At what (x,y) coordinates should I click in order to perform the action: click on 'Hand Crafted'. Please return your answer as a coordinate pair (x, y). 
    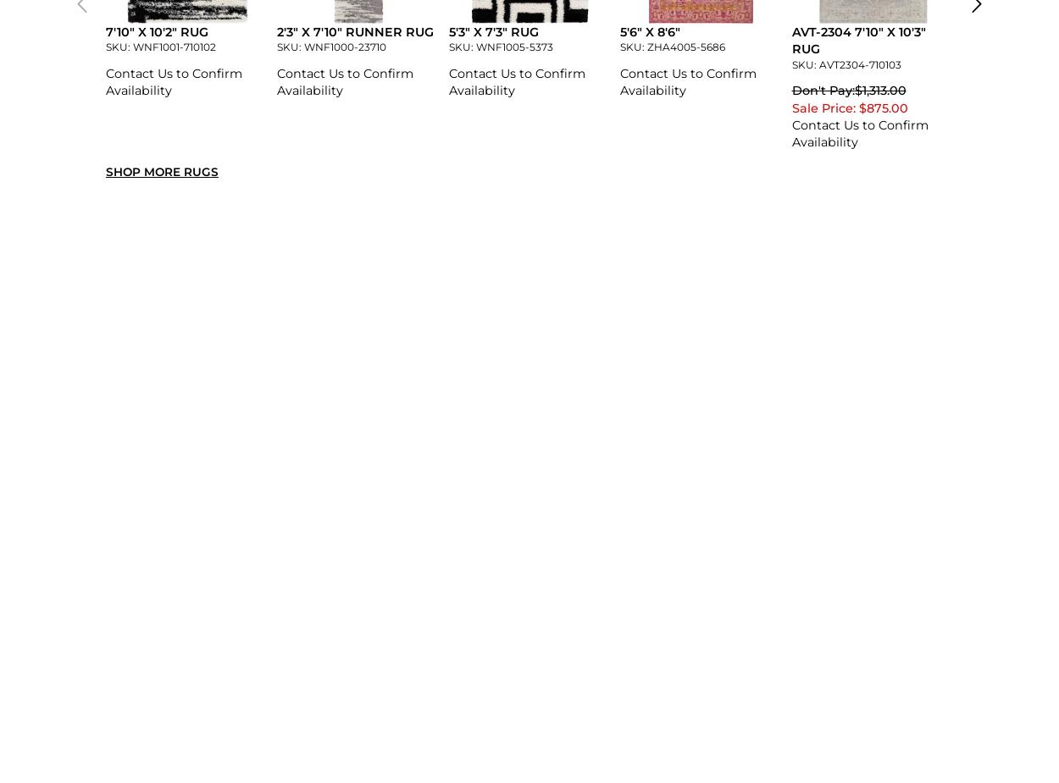
    Looking at the image, I should click on (319, 293).